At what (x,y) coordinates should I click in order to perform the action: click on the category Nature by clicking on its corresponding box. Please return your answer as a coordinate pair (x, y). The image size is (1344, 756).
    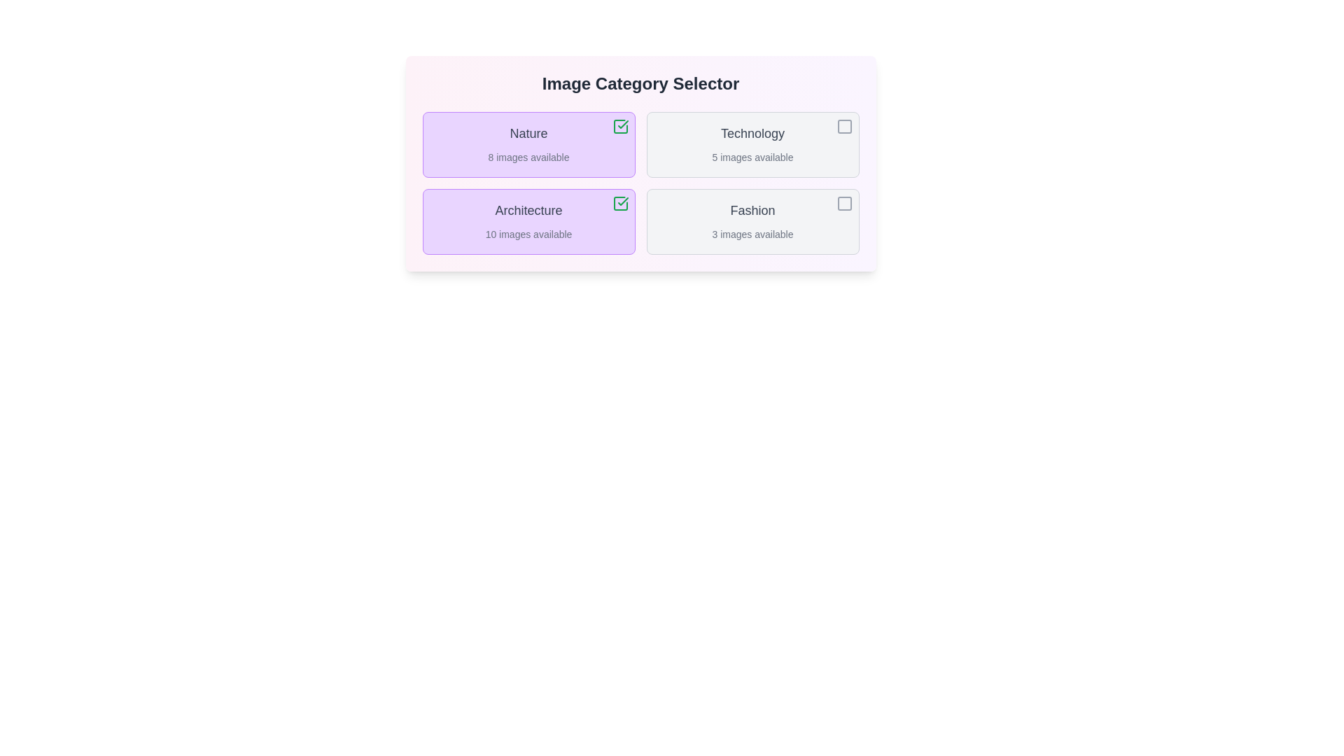
    Looking at the image, I should click on (528, 145).